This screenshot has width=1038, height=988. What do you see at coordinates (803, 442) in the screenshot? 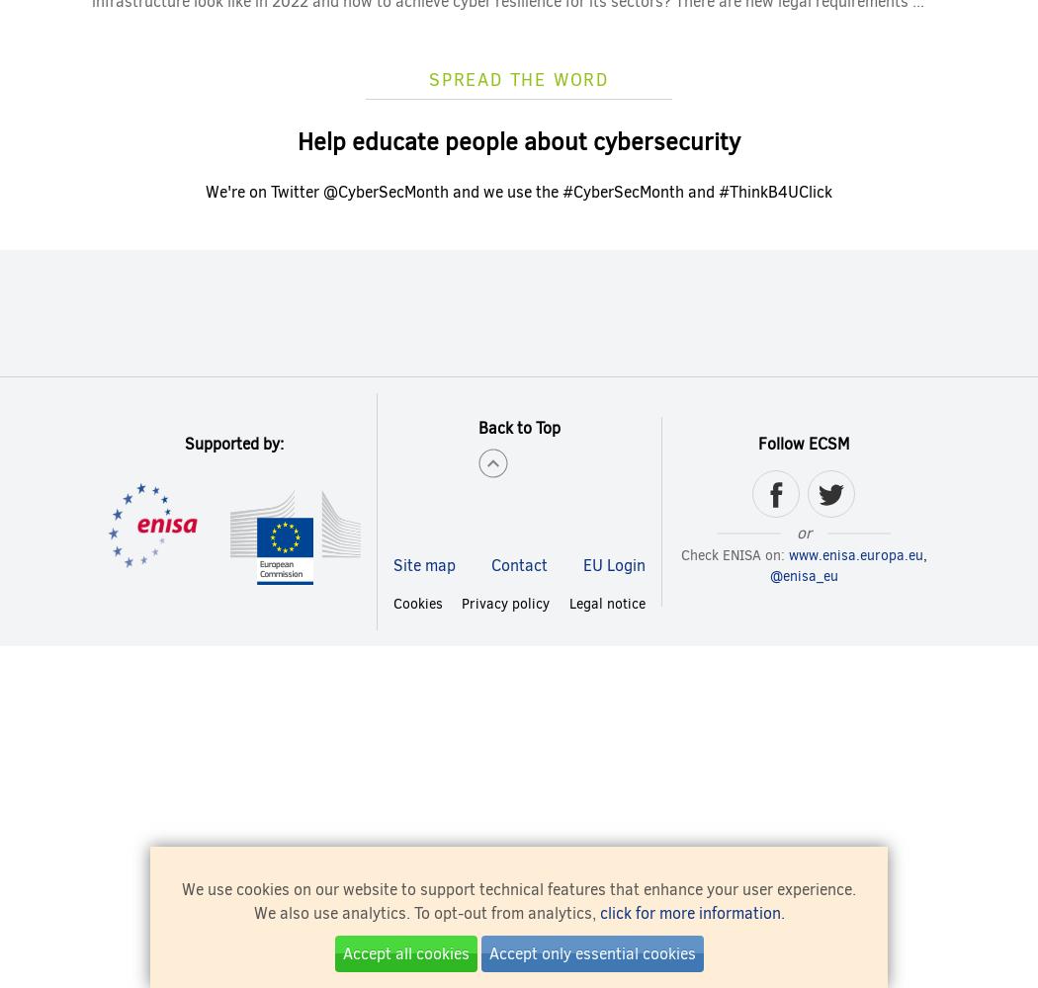
I see `'Follow ECSM'` at bounding box center [803, 442].